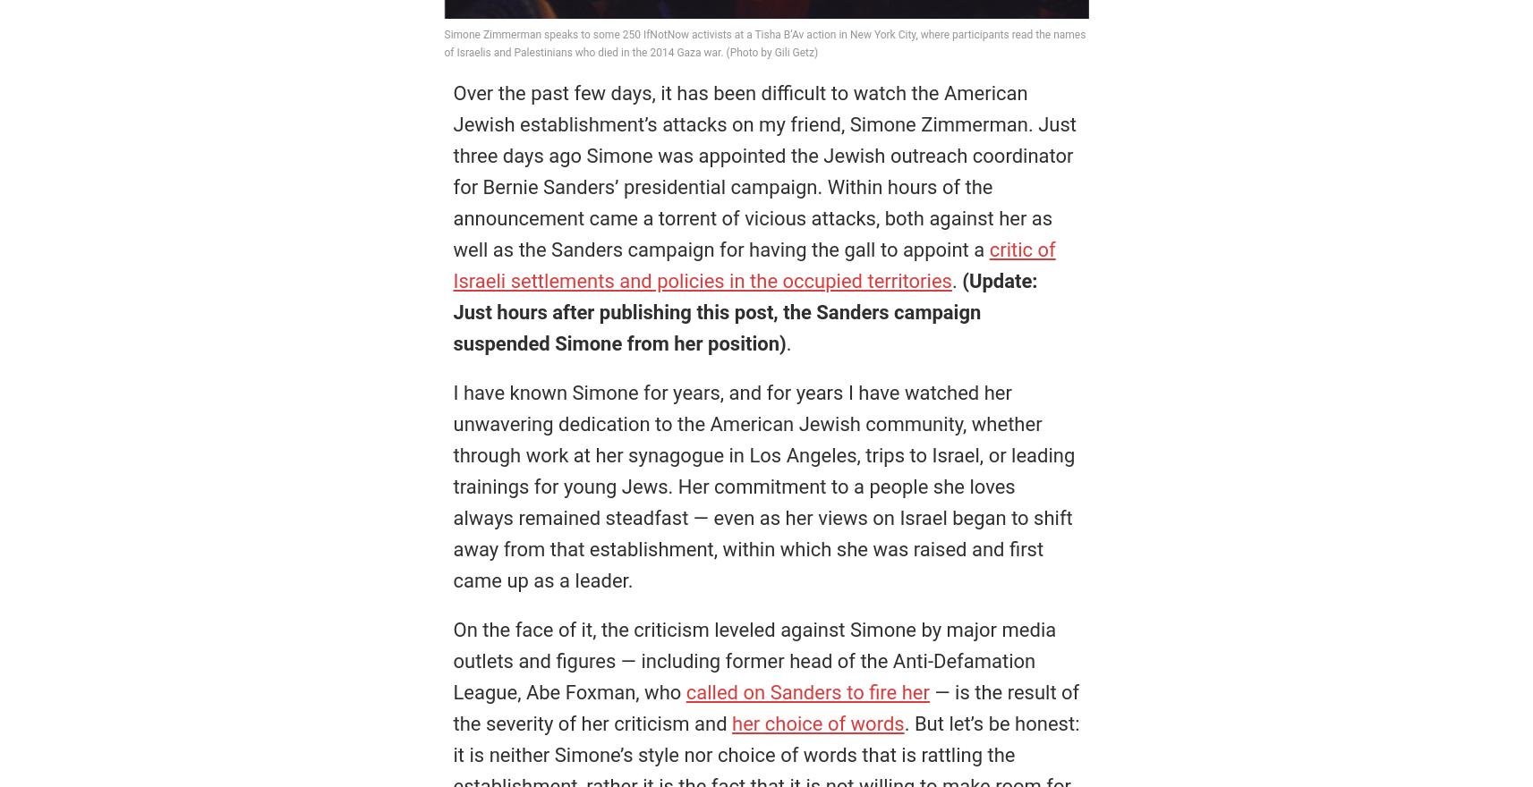 The width and height of the screenshot is (1533, 787). What do you see at coordinates (807, 692) in the screenshot?
I see `'called on Sanders to fire her'` at bounding box center [807, 692].